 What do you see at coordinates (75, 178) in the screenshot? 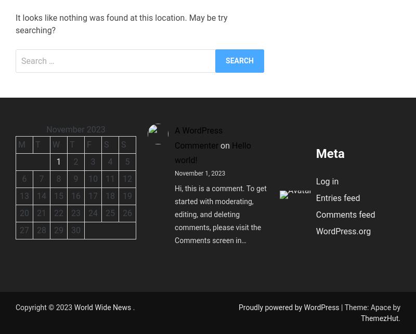
I see `'9'` at bounding box center [75, 178].